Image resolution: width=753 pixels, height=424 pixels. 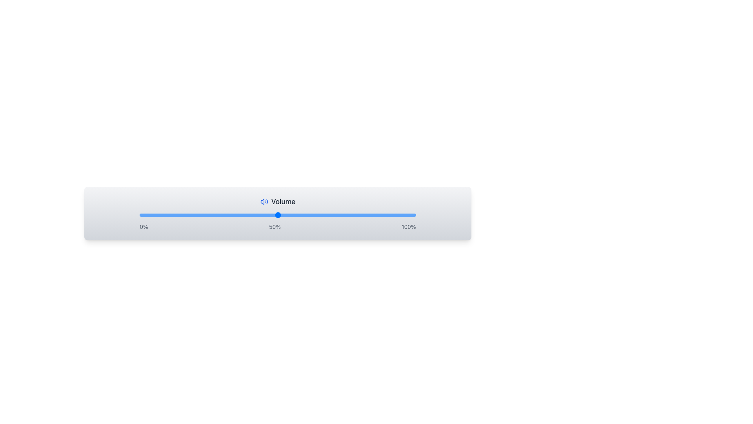 What do you see at coordinates (144, 227) in the screenshot?
I see `the static text label indicating the minimum value (0%) of the associated scale, which is positioned to the left of the markers labeled '50%' and '100%'` at bounding box center [144, 227].